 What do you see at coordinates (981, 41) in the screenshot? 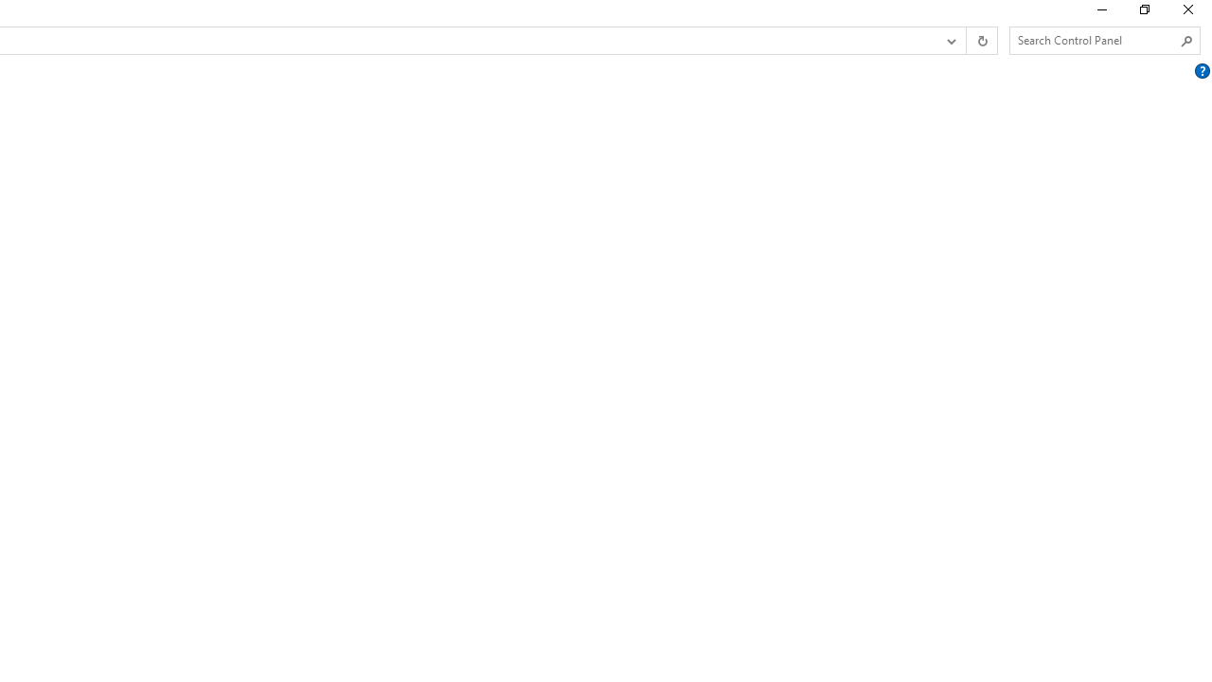
I see `'Refresh "Storage Spaces" (F5)'` at bounding box center [981, 41].